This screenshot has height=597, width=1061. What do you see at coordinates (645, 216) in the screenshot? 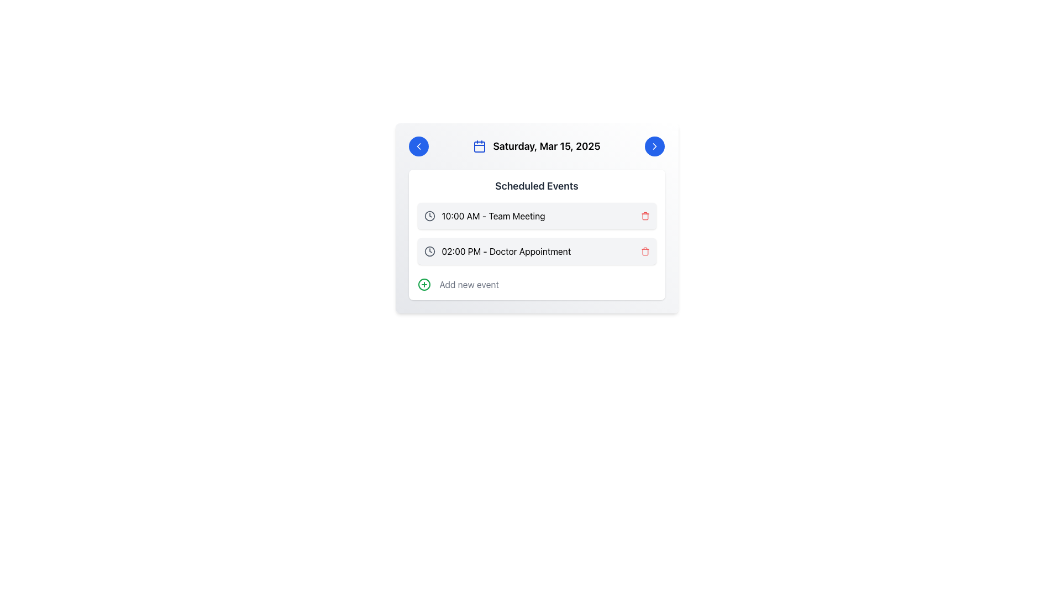
I see `the red trash can icon button located at the far-right end of the row for the event '10:00 AM - Team Meeting'` at bounding box center [645, 216].